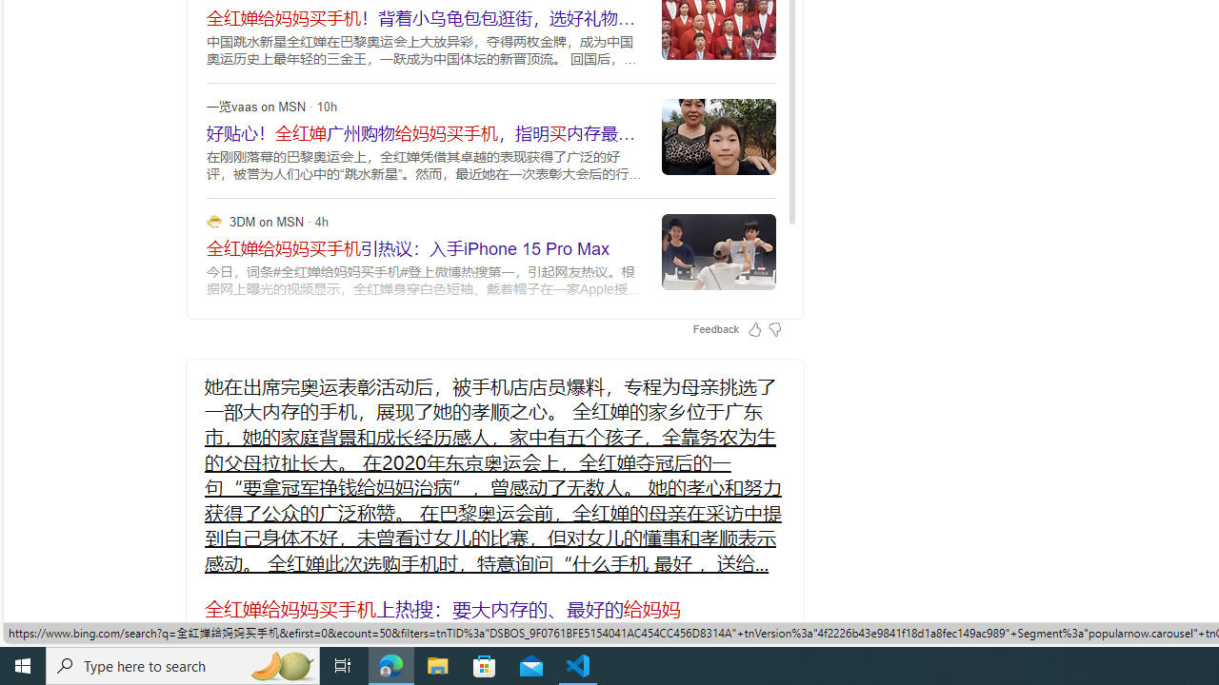  I want to click on 'Feedback Like', so click(753, 327).